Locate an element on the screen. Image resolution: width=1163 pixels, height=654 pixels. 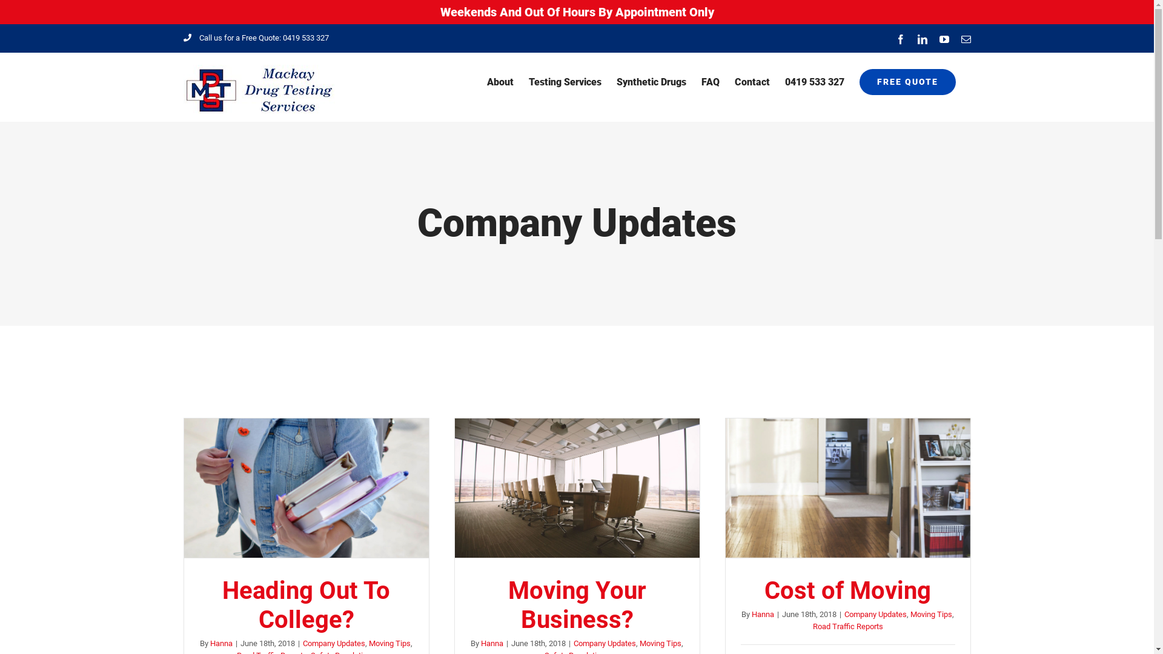
'Synthetic Drugs' is located at coordinates (616, 82).